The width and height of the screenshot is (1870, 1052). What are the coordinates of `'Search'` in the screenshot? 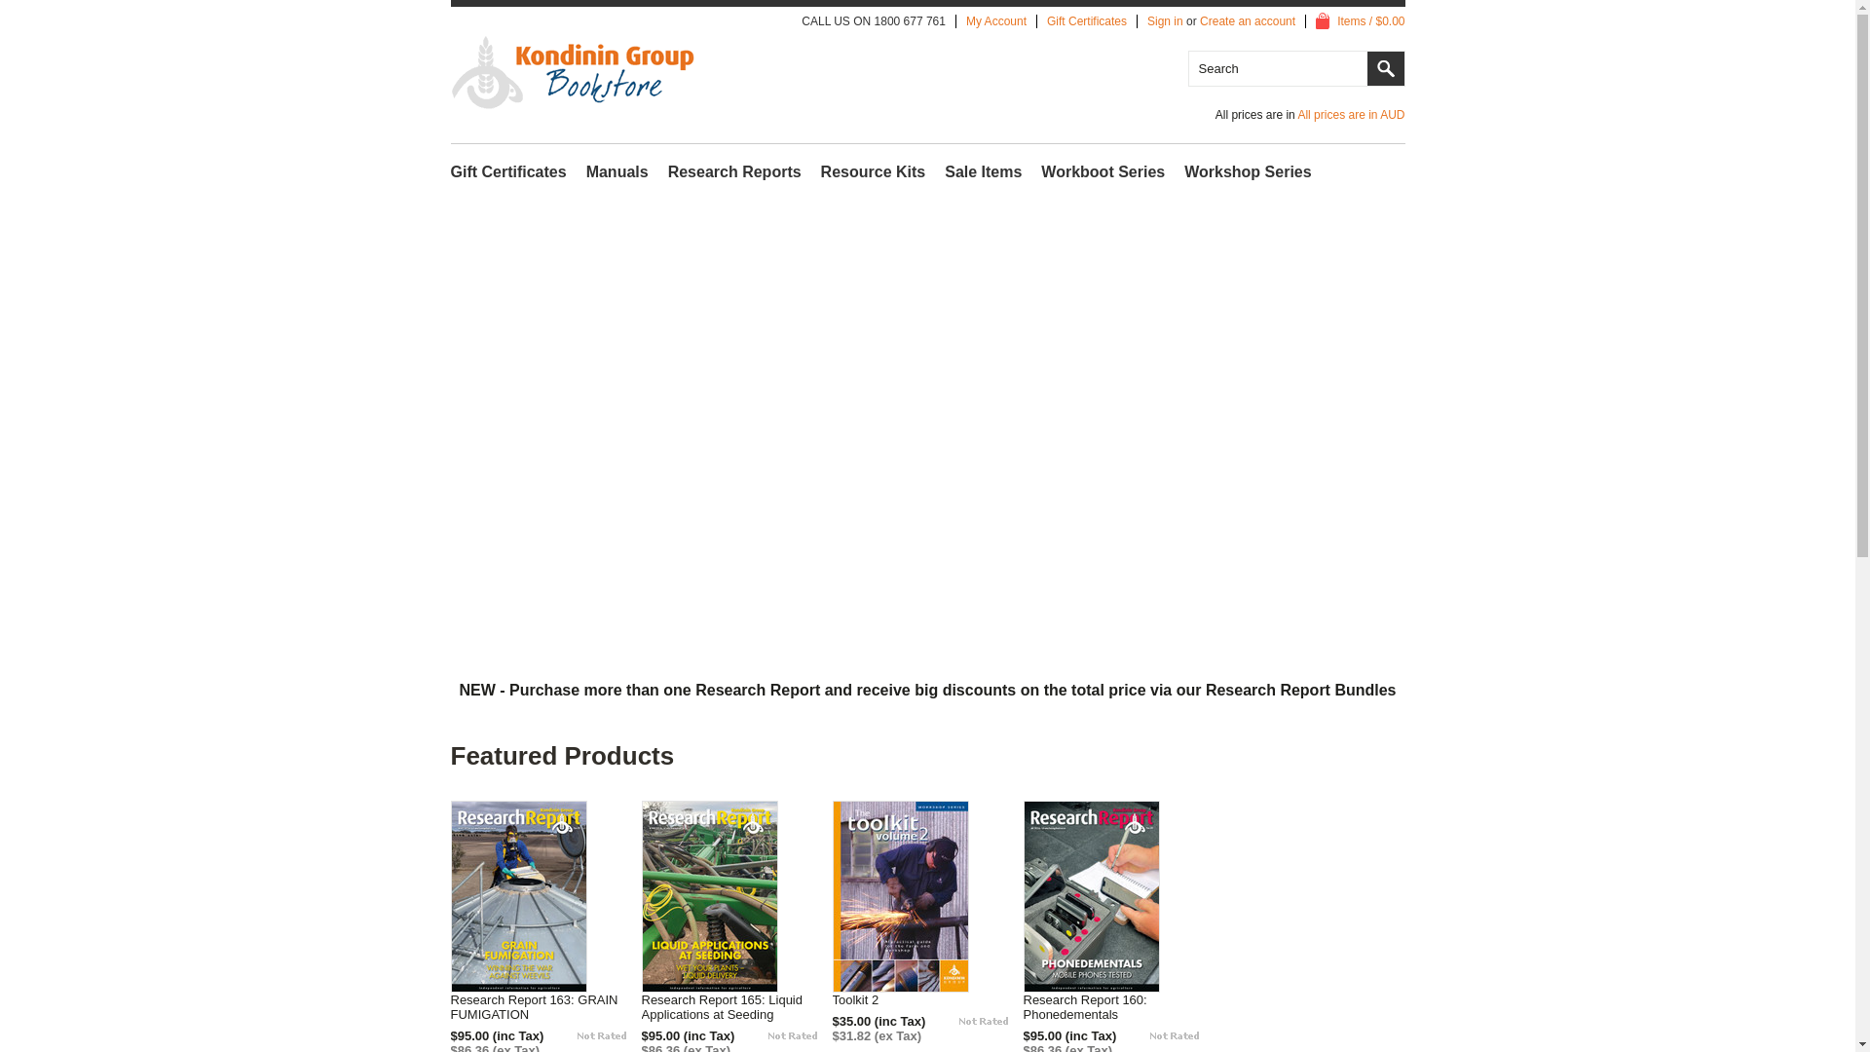 It's located at (1384, 67).